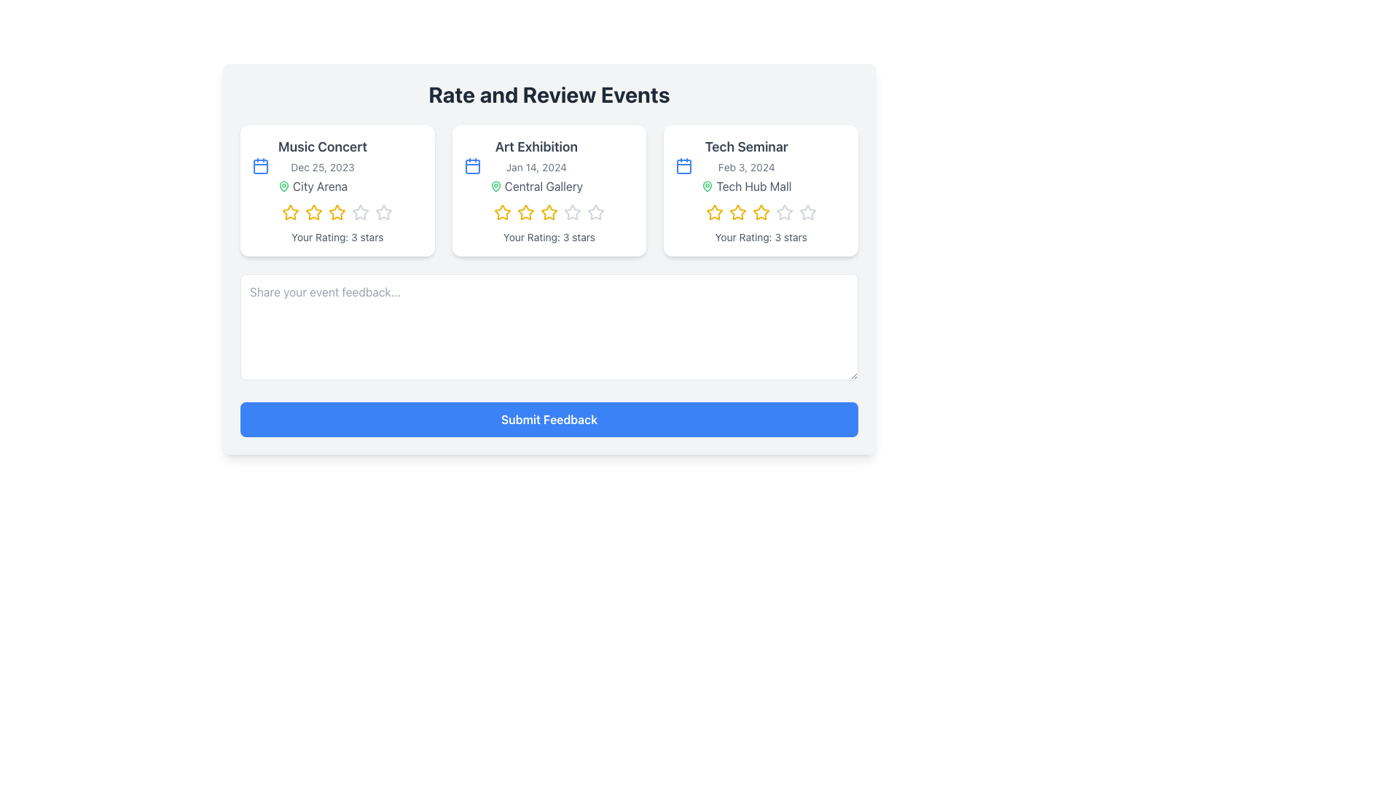 The image size is (1399, 787). I want to click on the map pin icon representing the Central Gallery location in the Art Exhibition card, so click(495, 185).